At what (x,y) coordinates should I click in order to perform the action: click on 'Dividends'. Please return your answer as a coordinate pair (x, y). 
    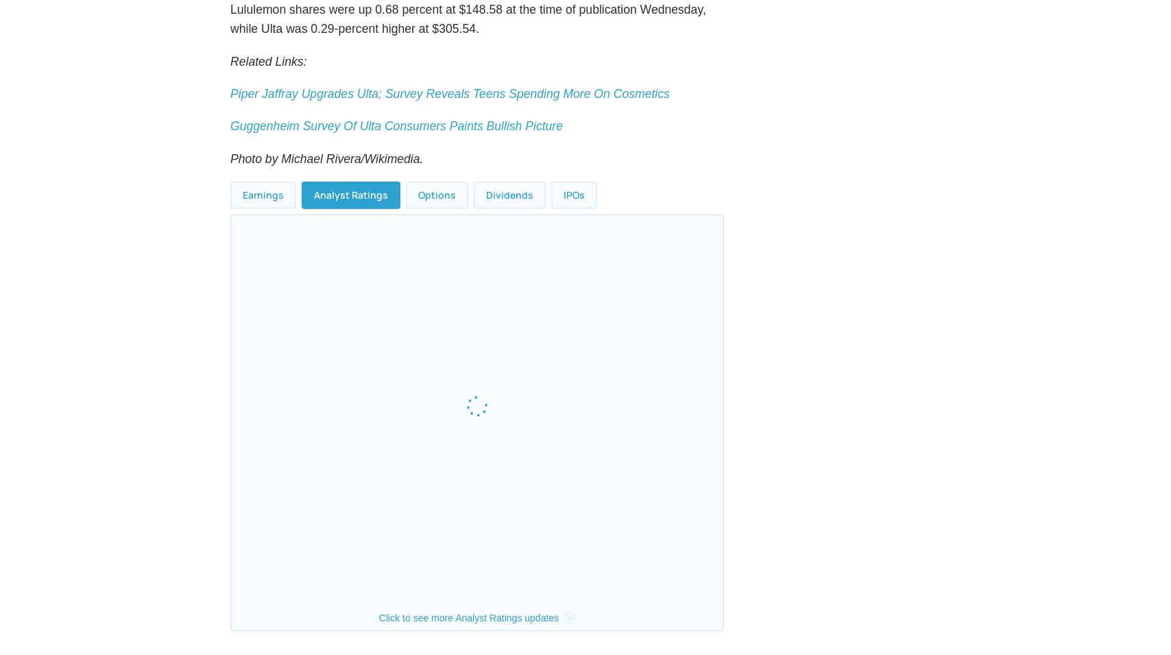
    Looking at the image, I should click on (509, 227).